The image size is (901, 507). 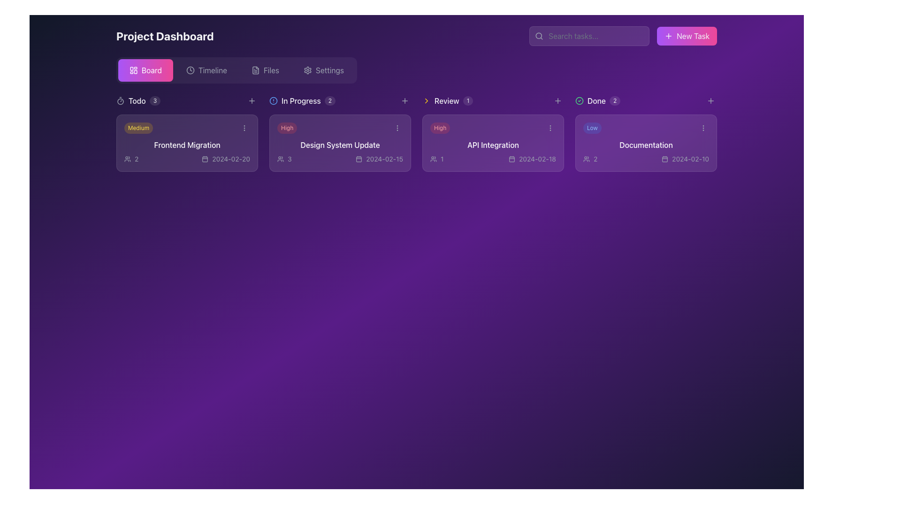 What do you see at coordinates (493, 143) in the screenshot?
I see `the card element titled 'API Integration' with a purple background` at bounding box center [493, 143].